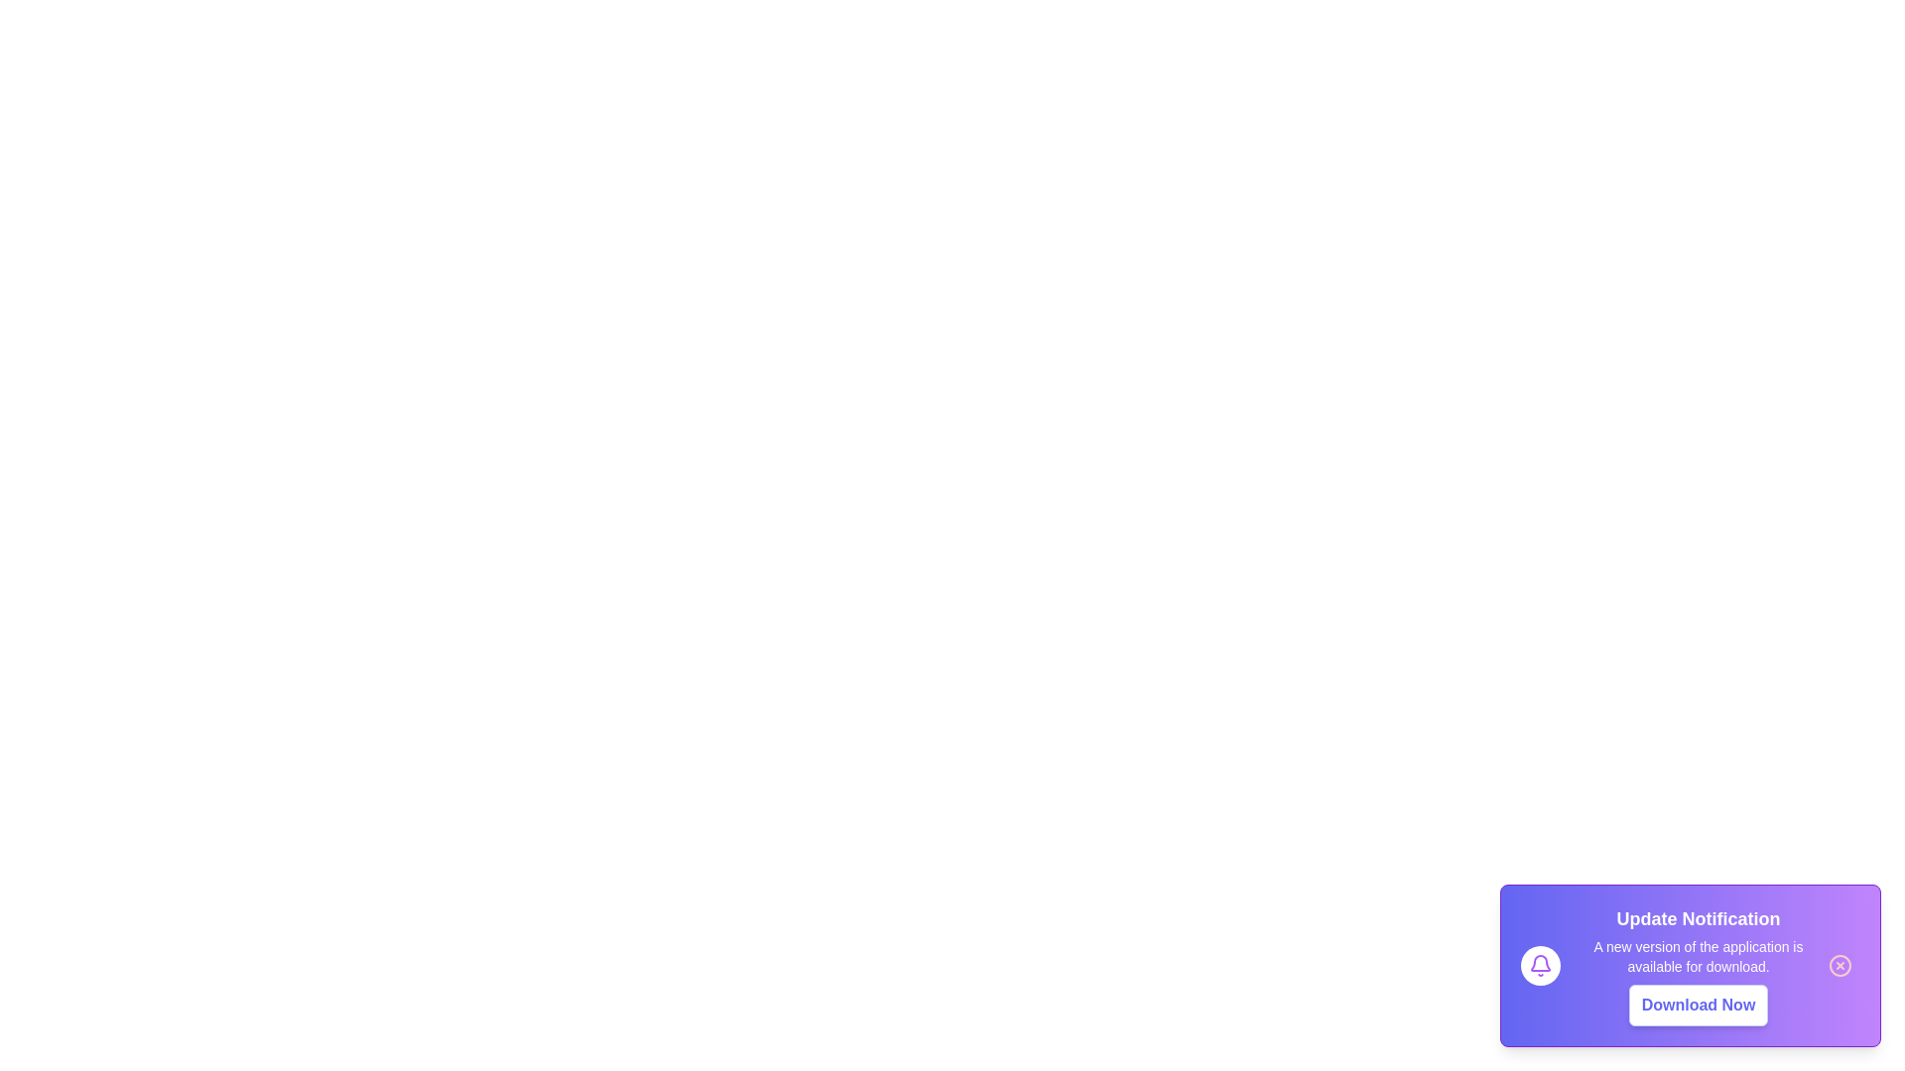  What do you see at coordinates (1540, 965) in the screenshot?
I see `the notification icon to inspect it` at bounding box center [1540, 965].